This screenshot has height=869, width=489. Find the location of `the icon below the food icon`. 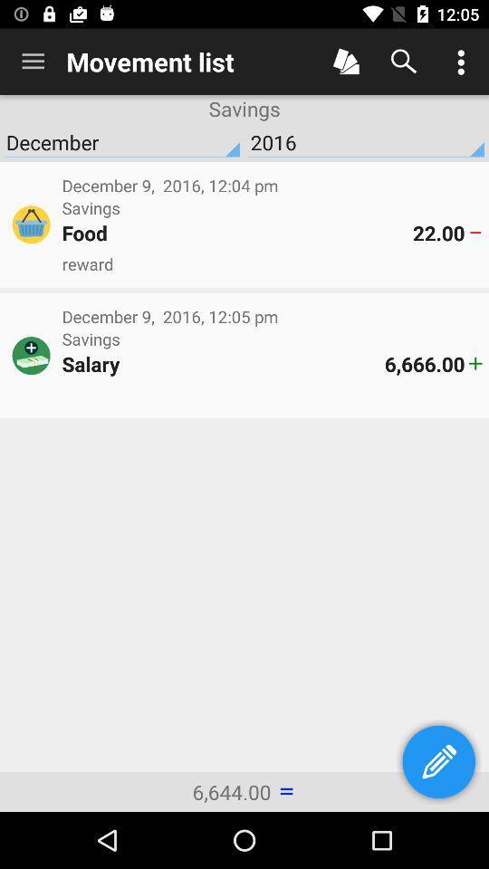

the icon below the food icon is located at coordinates (271, 263).